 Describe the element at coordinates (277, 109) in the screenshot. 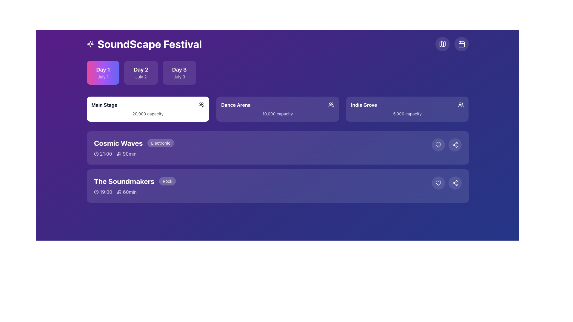

I see `the 'Dance Arena' interactive card/button, which is the second card in a horizontal list` at that location.